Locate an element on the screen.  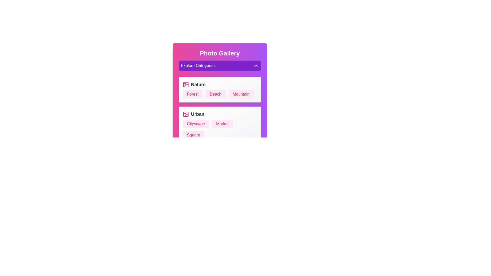
the photo name Beach to select it is located at coordinates (216, 94).